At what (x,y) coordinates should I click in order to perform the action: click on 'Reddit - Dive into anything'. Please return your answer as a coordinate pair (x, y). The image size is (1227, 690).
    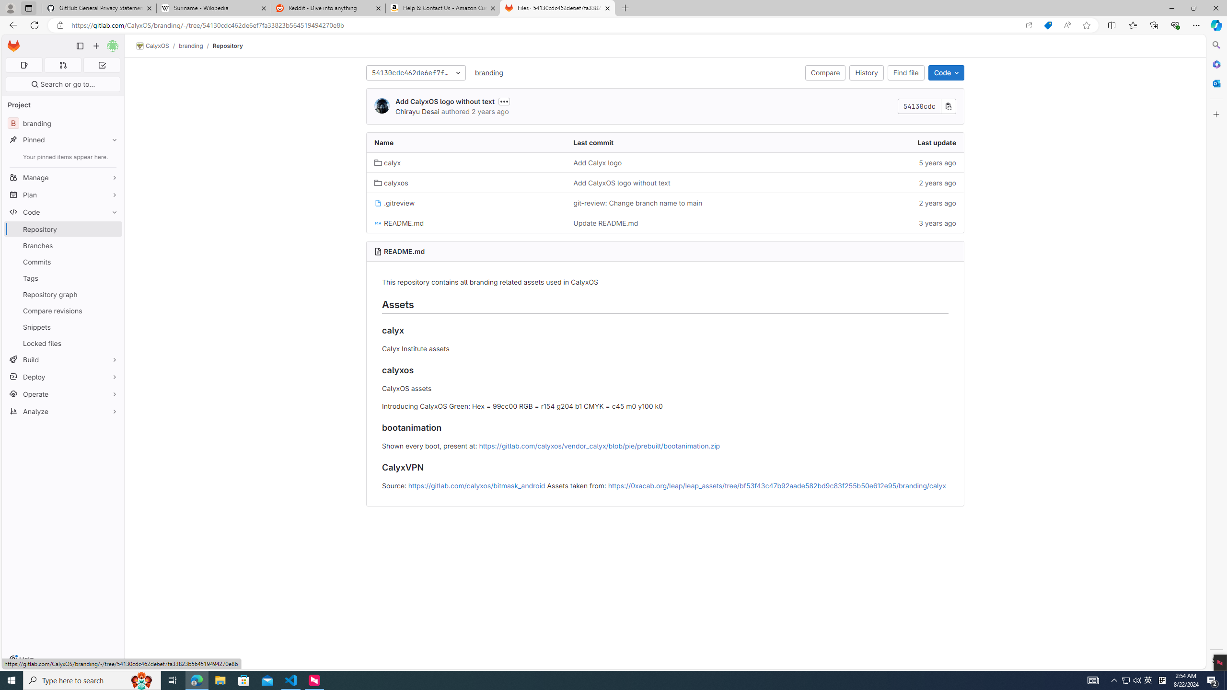
    Looking at the image, I should click on (328, 8).